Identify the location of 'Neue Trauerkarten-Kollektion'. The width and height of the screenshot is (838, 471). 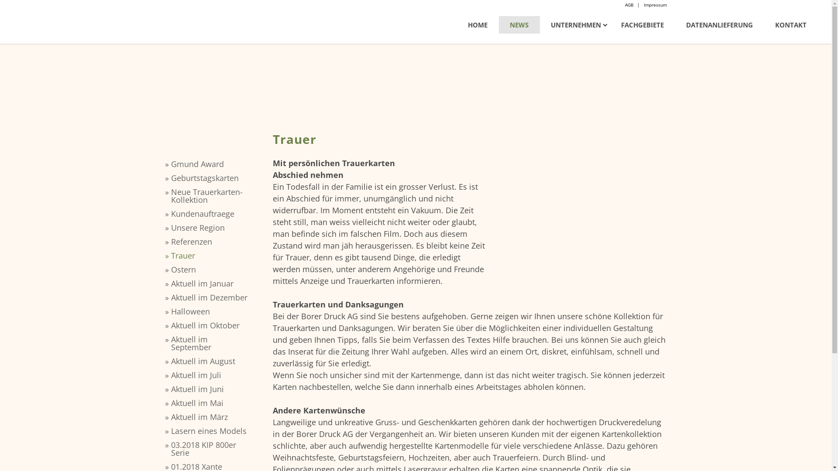
(210, 195).